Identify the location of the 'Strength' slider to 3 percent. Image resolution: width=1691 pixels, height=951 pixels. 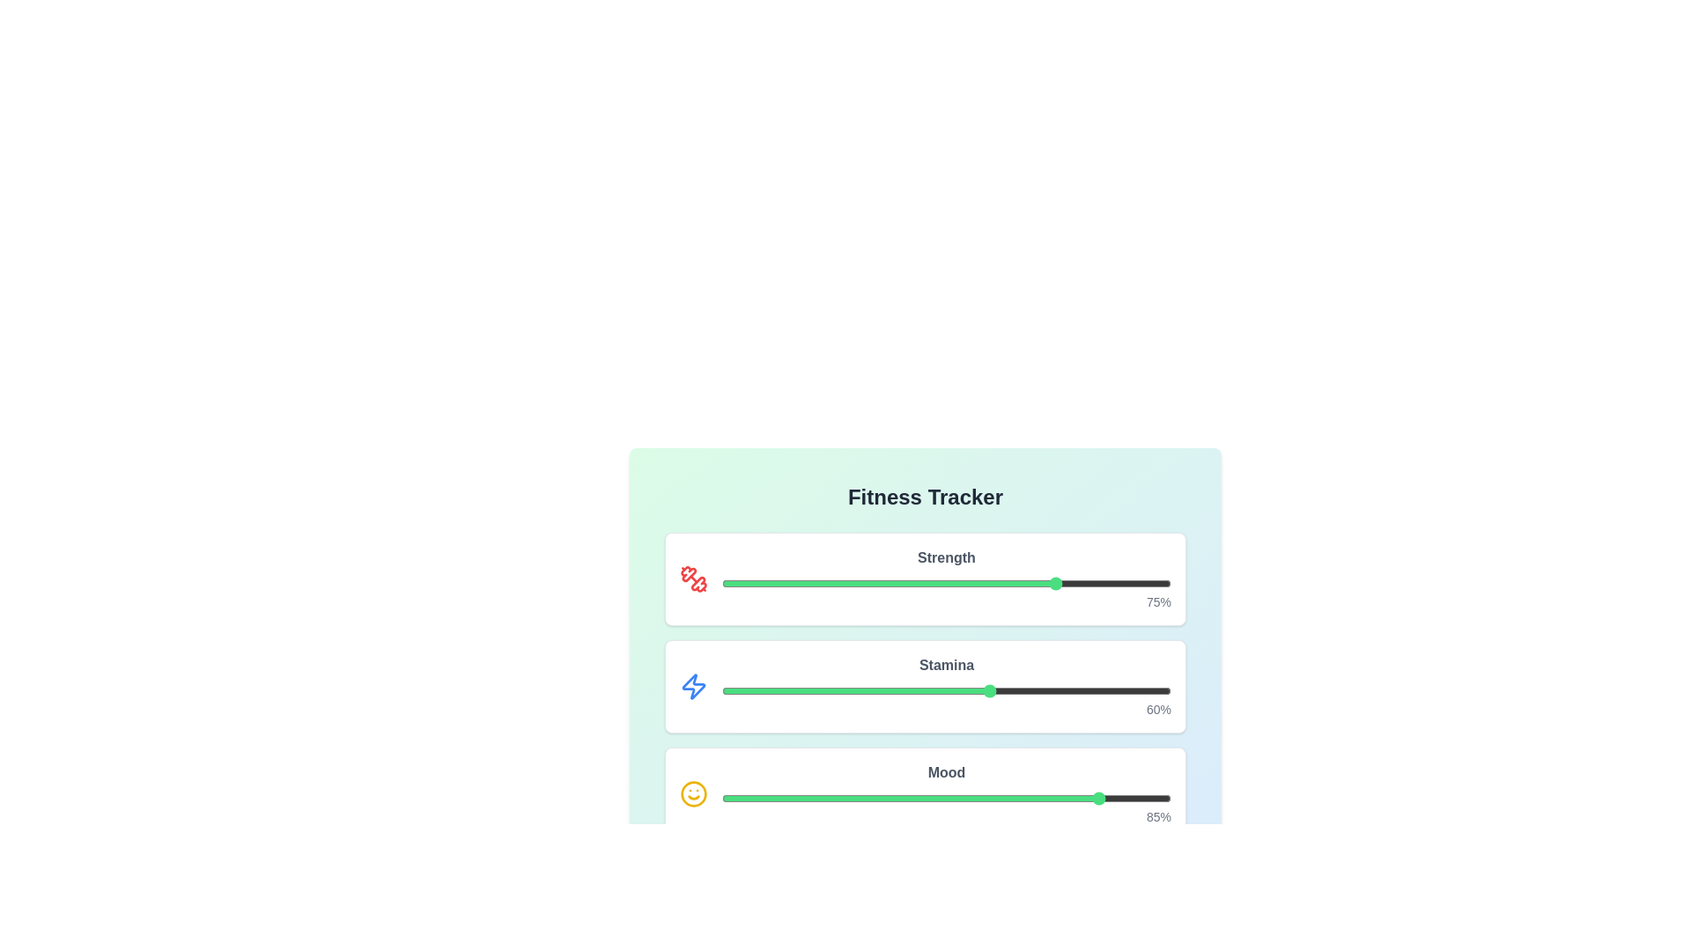
(735, 584).